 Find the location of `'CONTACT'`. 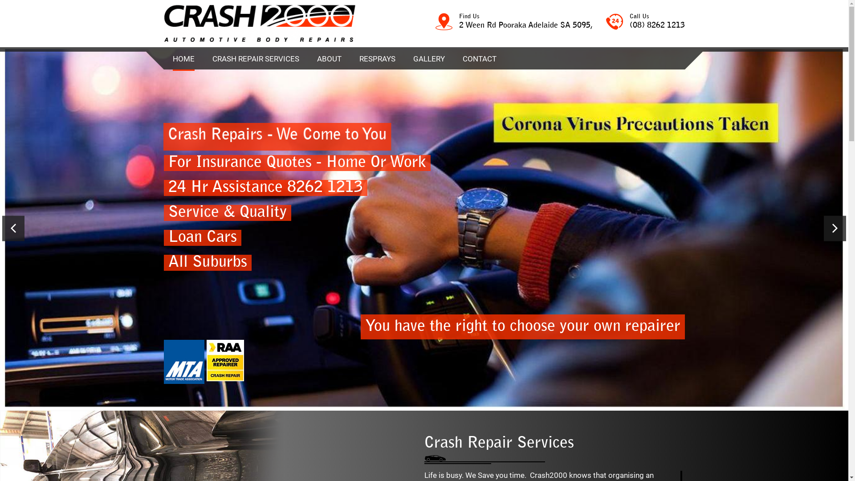

'CONTACT' is located at coordinates (462, 58).